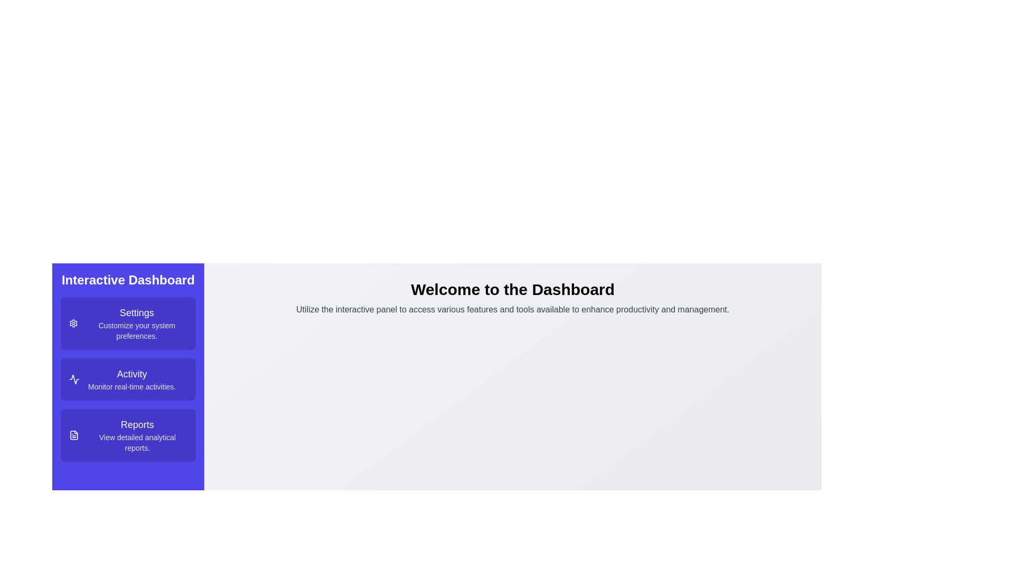 Image resolution: width=1013 pixels, height=570 pixels. Describe the element at coordinates (128, 435) in the screenshot. I see `the 'Reports' menu option` at that location.